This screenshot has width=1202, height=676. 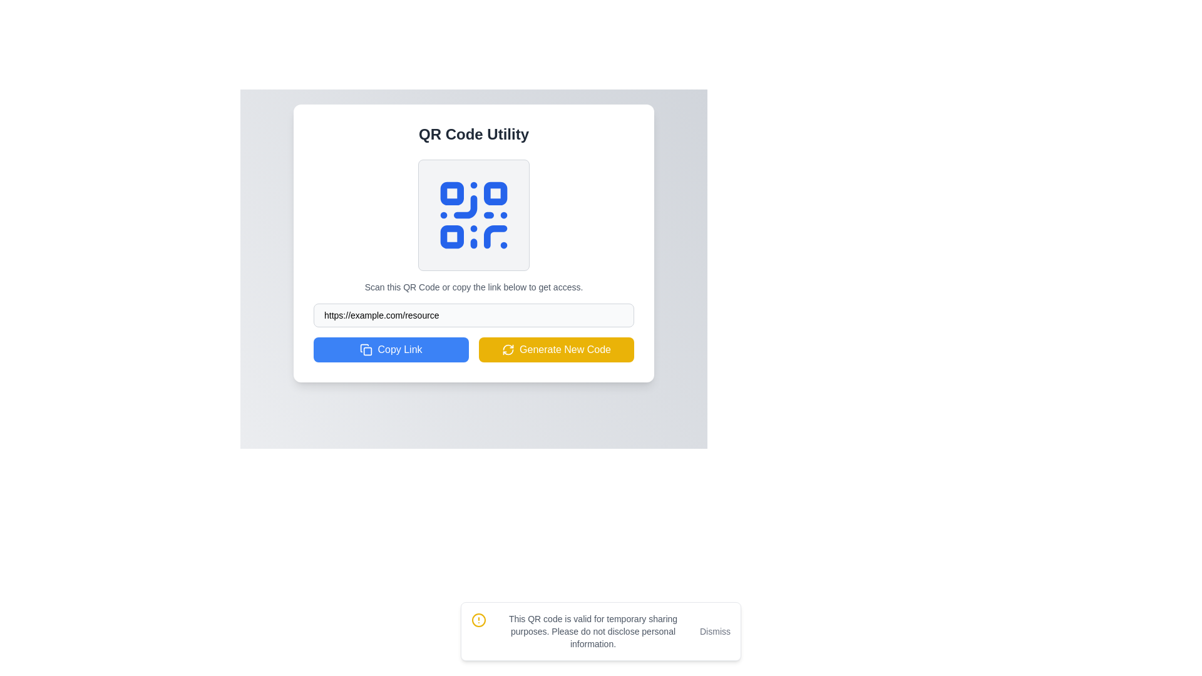 What do you see at coordinates (473, 135) in the screenshot?
I see `the 'QR Code Utility' text label, which is styled prominently as a title` at bounding box center [473, 135].